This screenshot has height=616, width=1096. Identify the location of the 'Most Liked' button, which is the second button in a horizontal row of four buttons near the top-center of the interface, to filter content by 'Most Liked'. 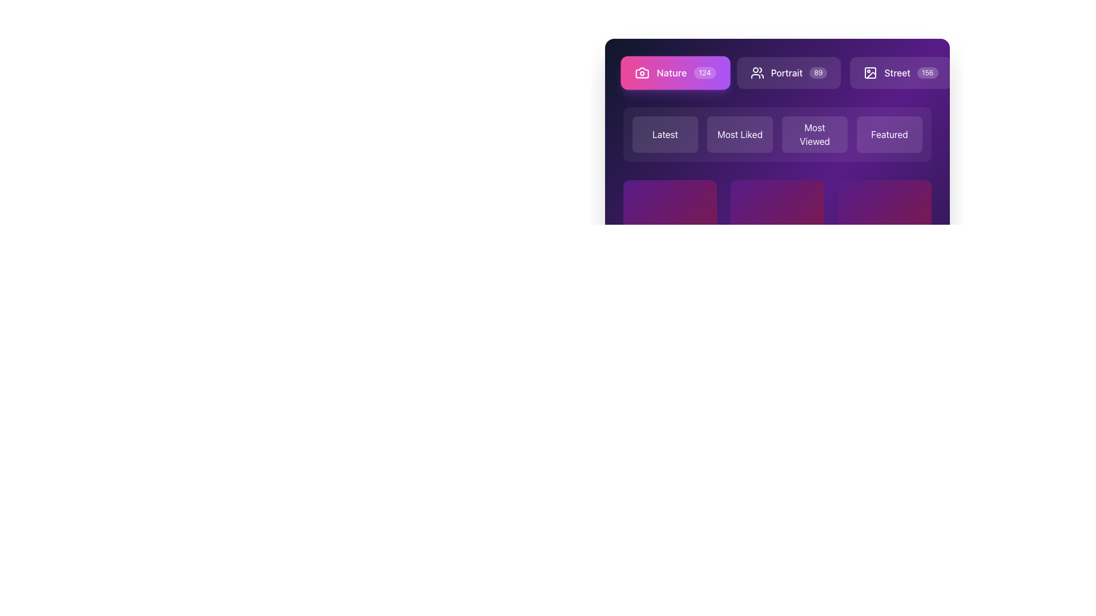
(740, 133).